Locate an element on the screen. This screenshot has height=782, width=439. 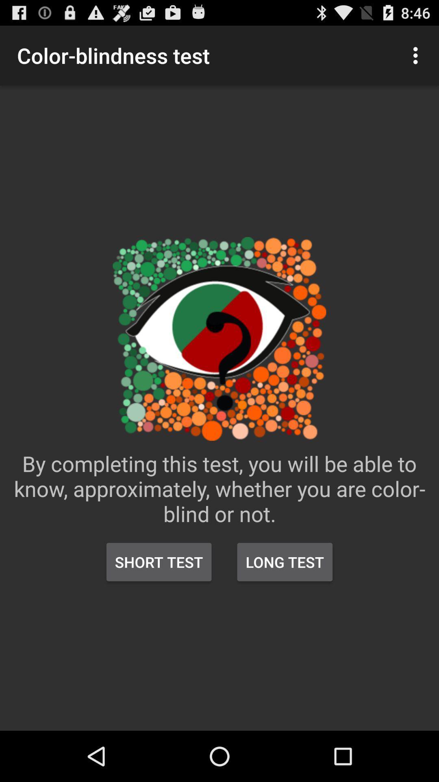
the short test button is located at coordinates (159, 562).